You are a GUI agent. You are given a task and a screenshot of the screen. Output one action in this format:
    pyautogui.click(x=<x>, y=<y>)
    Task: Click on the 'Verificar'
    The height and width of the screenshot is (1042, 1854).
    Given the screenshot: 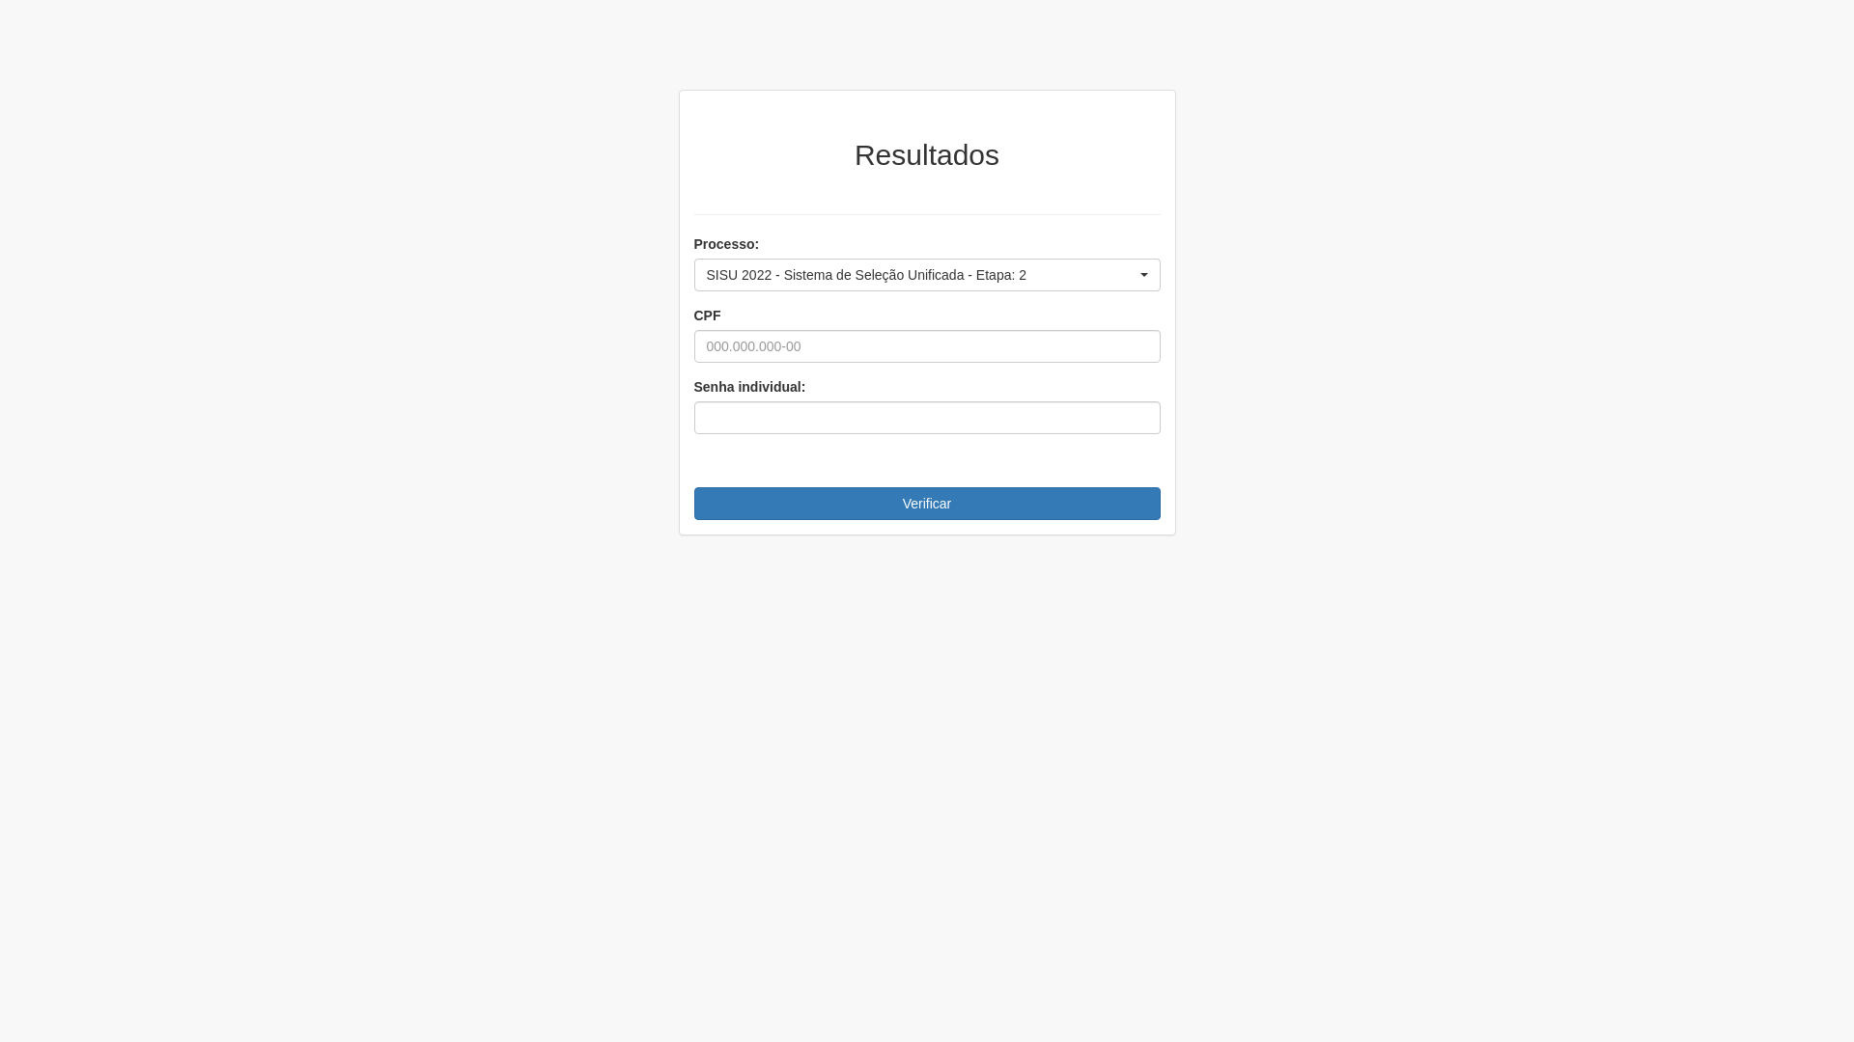 What is the action you would take?
    pyautogui.click(x=925, y=502)
    